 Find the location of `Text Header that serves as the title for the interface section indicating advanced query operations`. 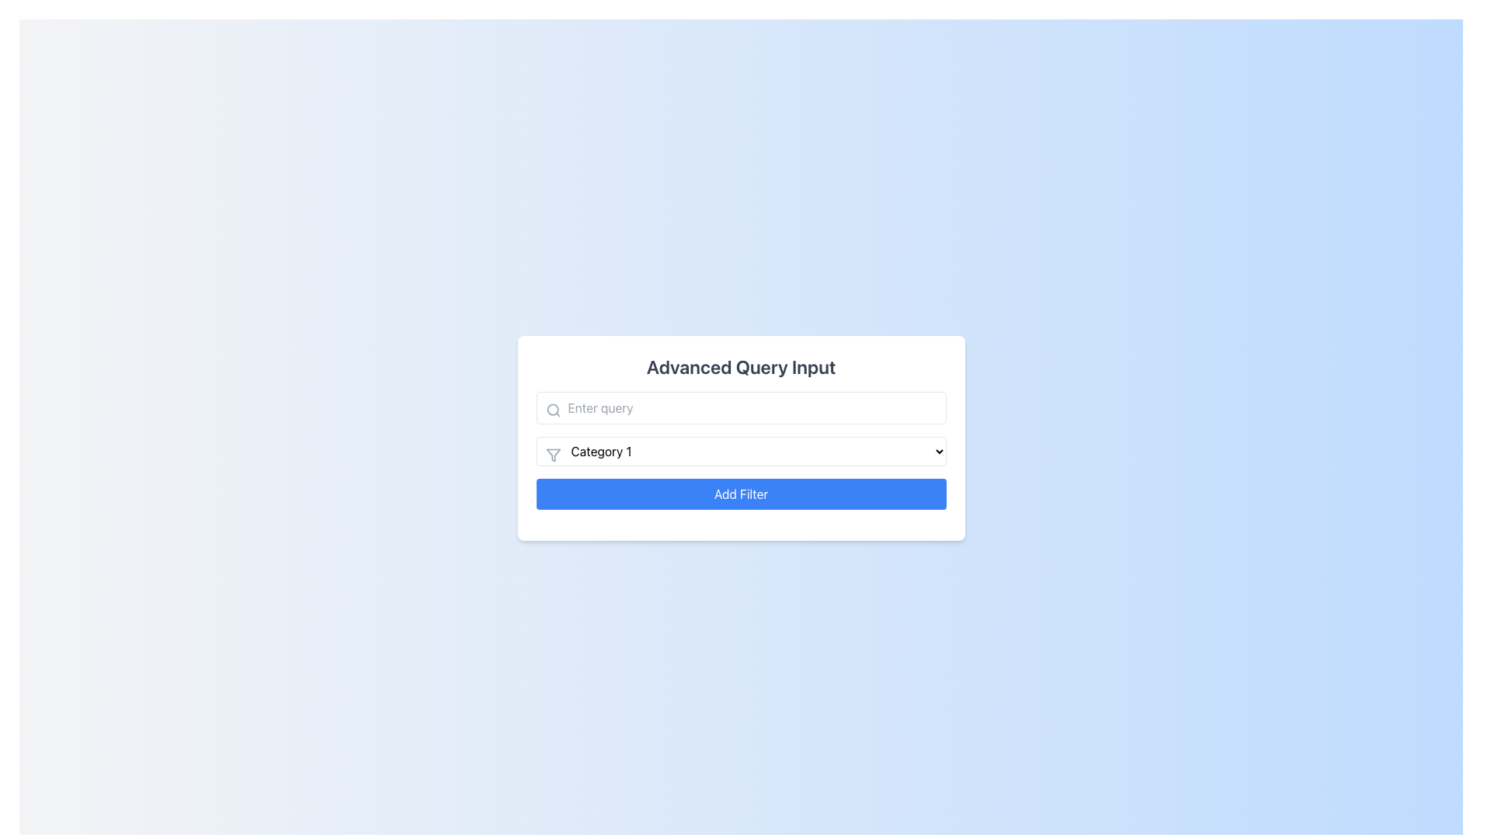

Text Header that serves as the title for the interface section indicating advanced query operations is located at coordinates (740, 367).